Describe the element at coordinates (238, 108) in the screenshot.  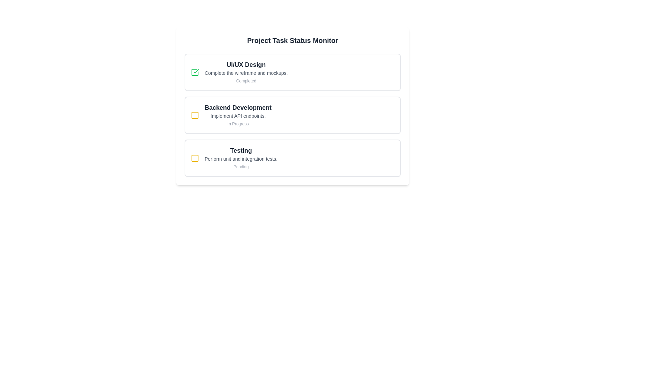
I see `the text label reading 'Backend Development', which is styled in bold font and serves as the title for a task card` at that location.